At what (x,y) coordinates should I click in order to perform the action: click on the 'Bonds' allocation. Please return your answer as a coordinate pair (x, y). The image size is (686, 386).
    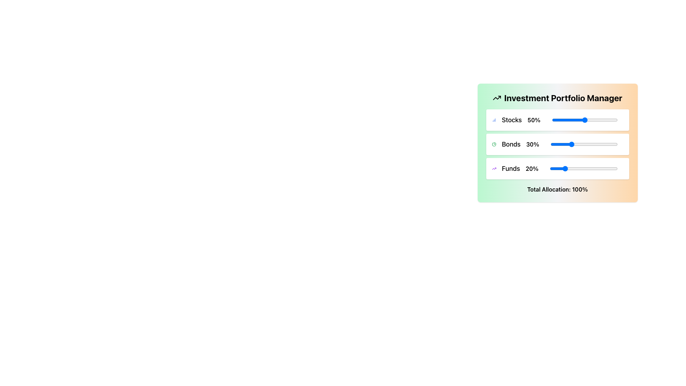
    Looking at the image, I should click on (600, 144).